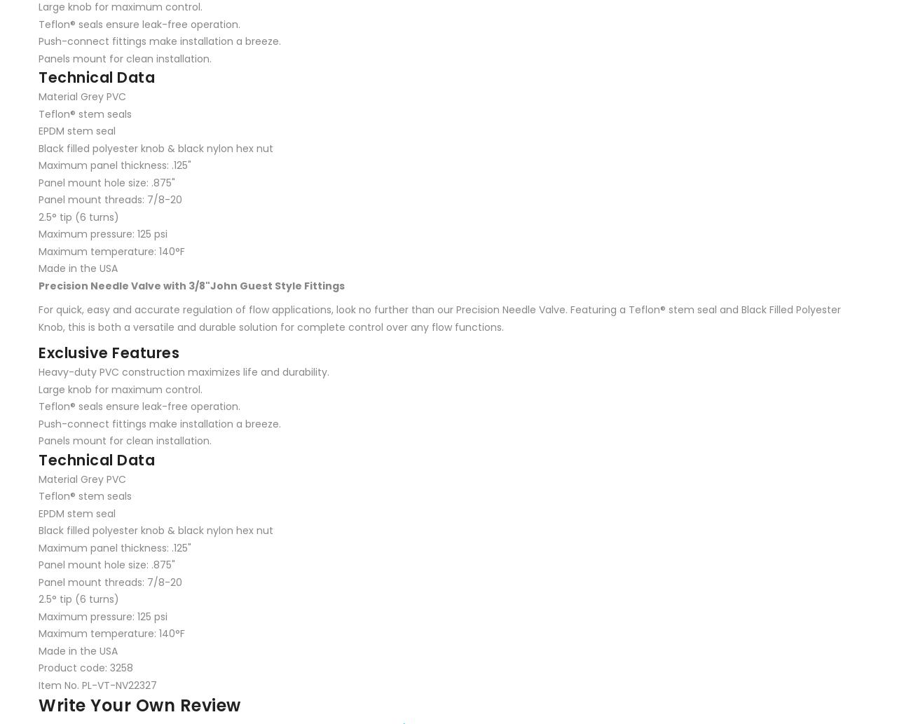 The width and height of the screenshot is (897, 724). What do you see at coordinates (39, 318) in the screenshot?
I see `'For quick, easy and accurate regulation of flow applications, look no further than our Precision Needle Valve. Featuring a Teflon® stem seal and Black Filled Polyester Knob, this is both a versatile and durable solution for complete control over any flow functions.'` at bounding box center [39, 318].